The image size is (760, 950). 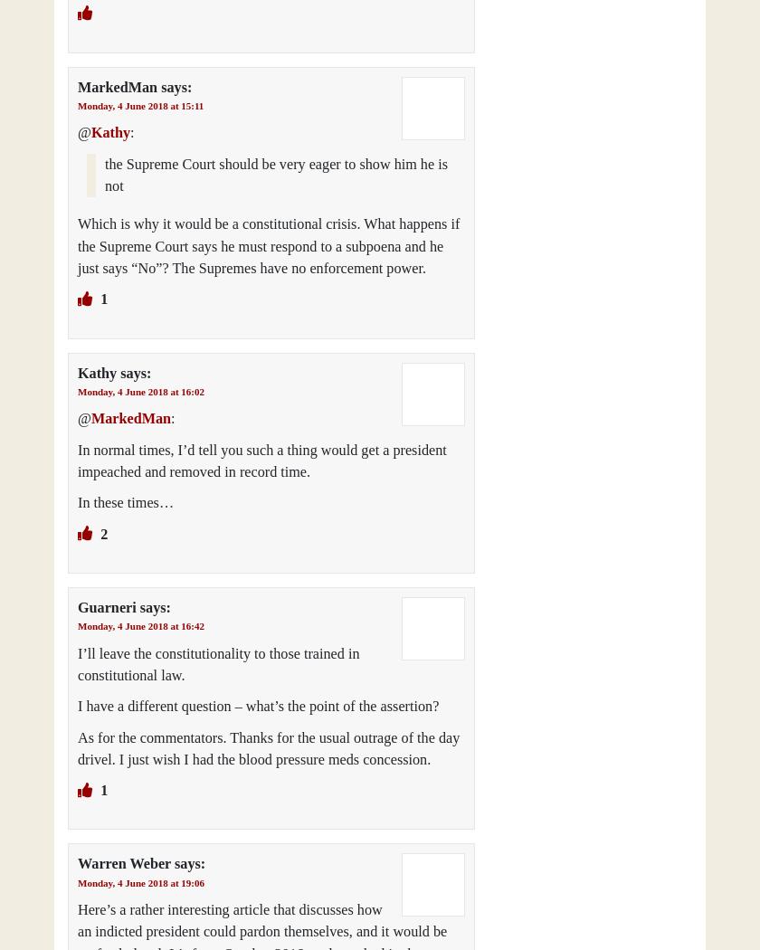 I want to click on 'the Supreme Court should be very eager to show him he is not', so click(x=276, y=174).